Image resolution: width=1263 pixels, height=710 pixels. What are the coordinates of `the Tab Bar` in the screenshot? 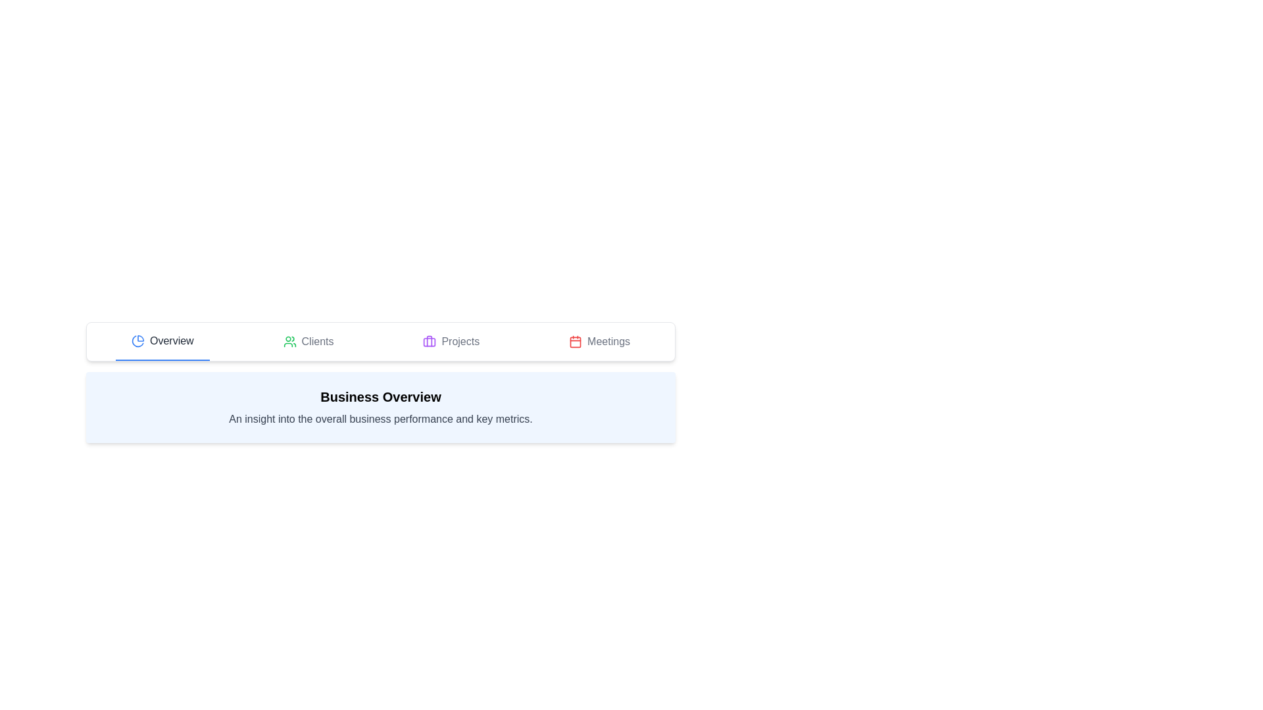 It's located at (380, 341).